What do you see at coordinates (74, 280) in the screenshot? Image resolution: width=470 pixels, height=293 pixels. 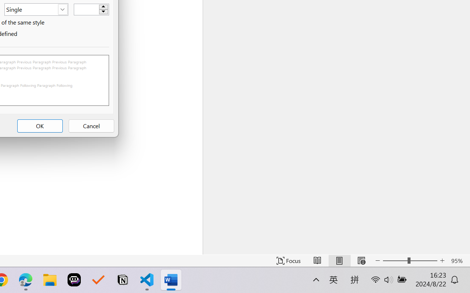 I see `'Poe'` at bounding box center [74, 280].